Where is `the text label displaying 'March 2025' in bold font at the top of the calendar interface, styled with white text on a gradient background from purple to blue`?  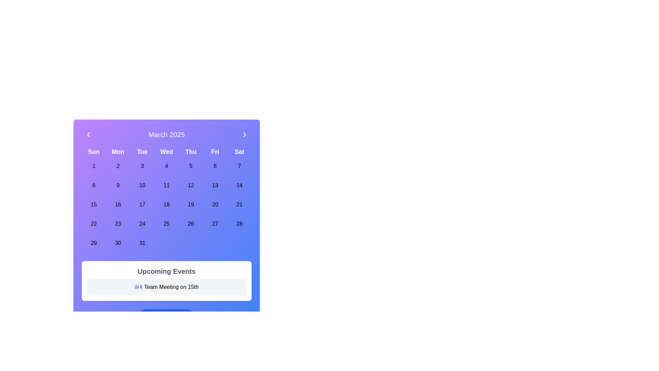
the text label displaying 'March 2025' in bold font at the top of the calendar interface, styled with white text on a gradient background from purple to blue is located at coordinates (166, 135).